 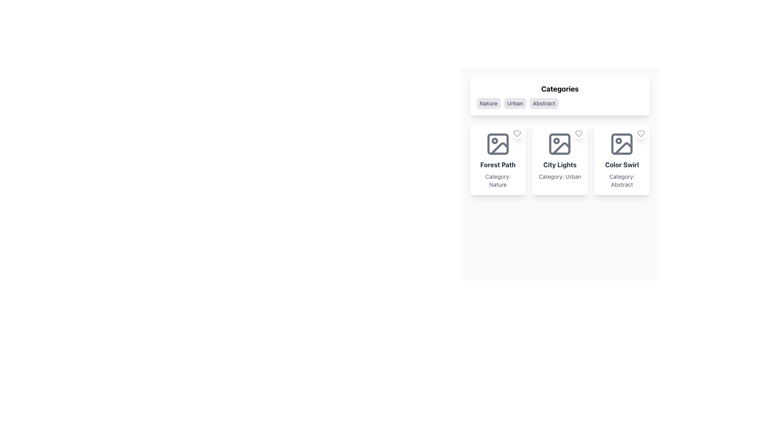 I want to click on the text element displaying 'Category: Urban' that is styled with a small font size and gray color, located within the 'City Lights' card, and positioned below the bold 'City Lights' title, so click(x=559, y=176).